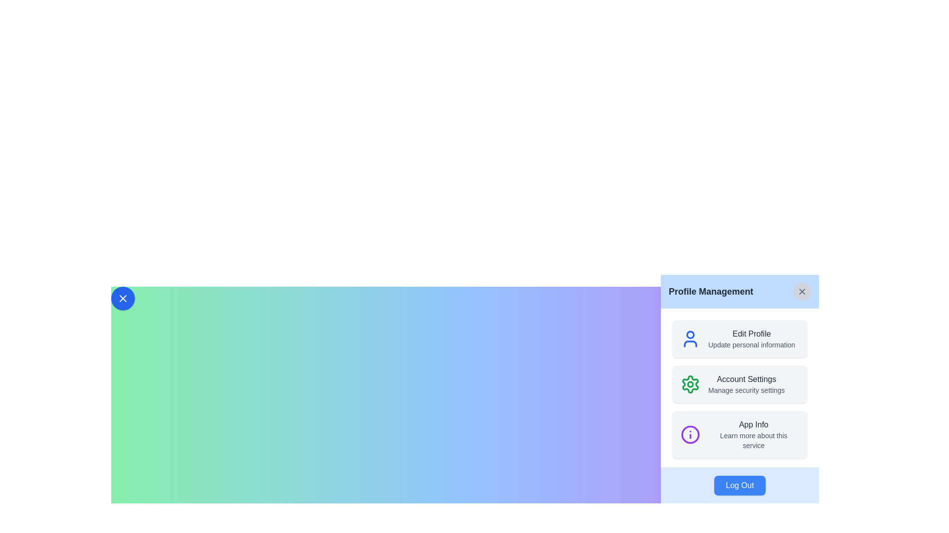 The height and width of the screenshot is (533, 949). What do you see at coordinates (690, 334) in the screenshot?
I see `the SVG circle component representing the head of the user icon, which is part of the user profile interface` at bounding box center [690, 334].